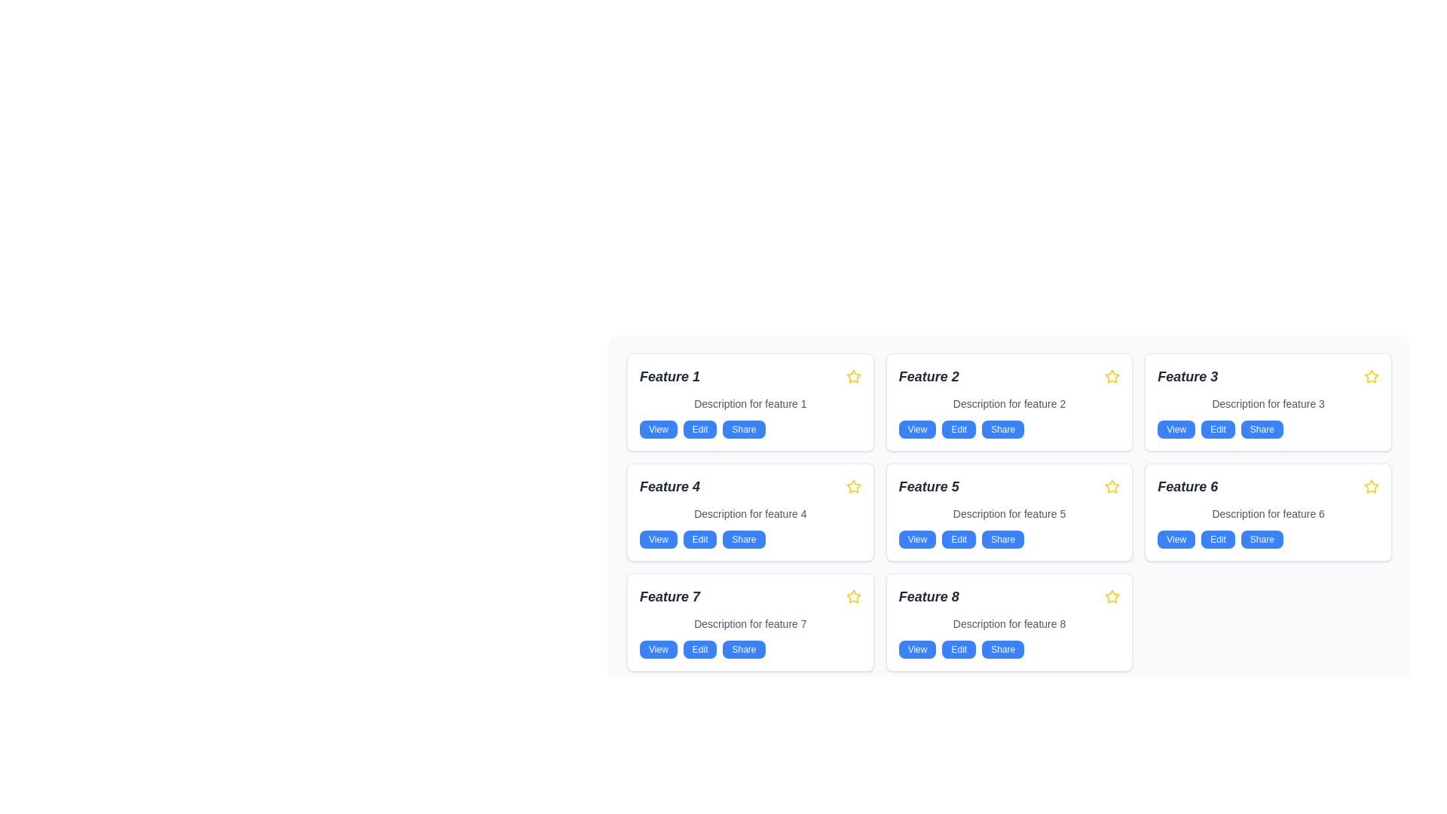 The image size is (1447, 814). Describe the element at coordinates (744, 539) in the screenshot. I see `the 'Share' button in the 'Feature 4' card` at that location.